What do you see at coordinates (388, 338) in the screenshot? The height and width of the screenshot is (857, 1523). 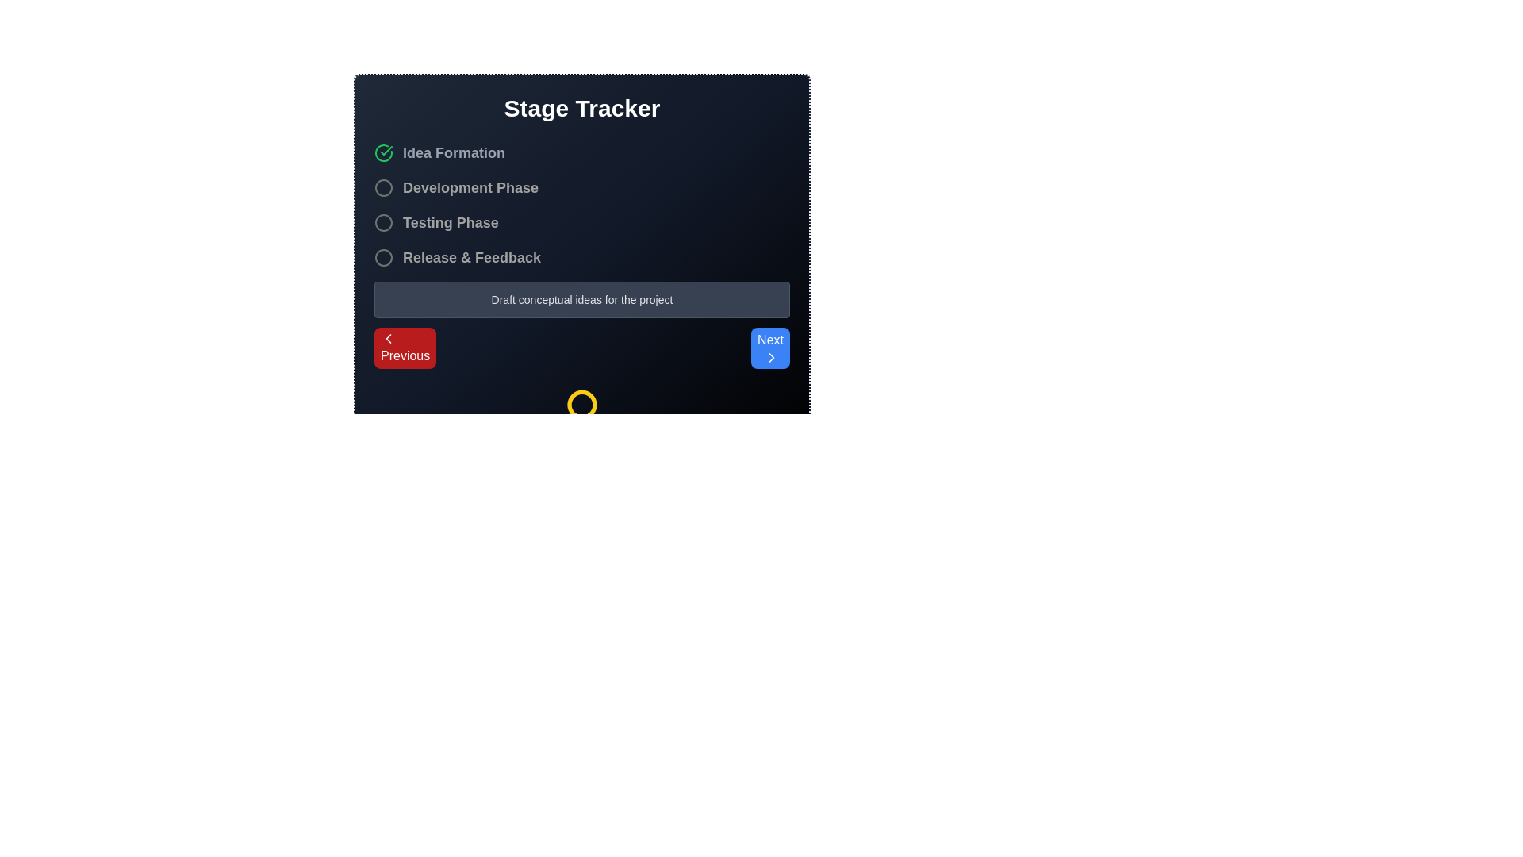 I see `the chevron icon located within the 'Previous' button` at bounding box center [388, 338].